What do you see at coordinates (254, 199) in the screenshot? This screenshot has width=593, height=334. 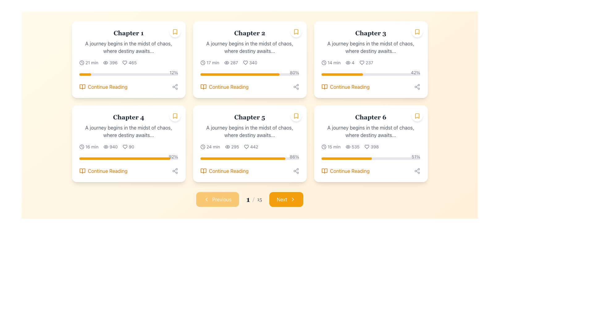 I see `the static text label indicating the current page number within the pagination control section, positioned between the 'Previous' and 'Next' buttons` at bounding box center [254, 199].